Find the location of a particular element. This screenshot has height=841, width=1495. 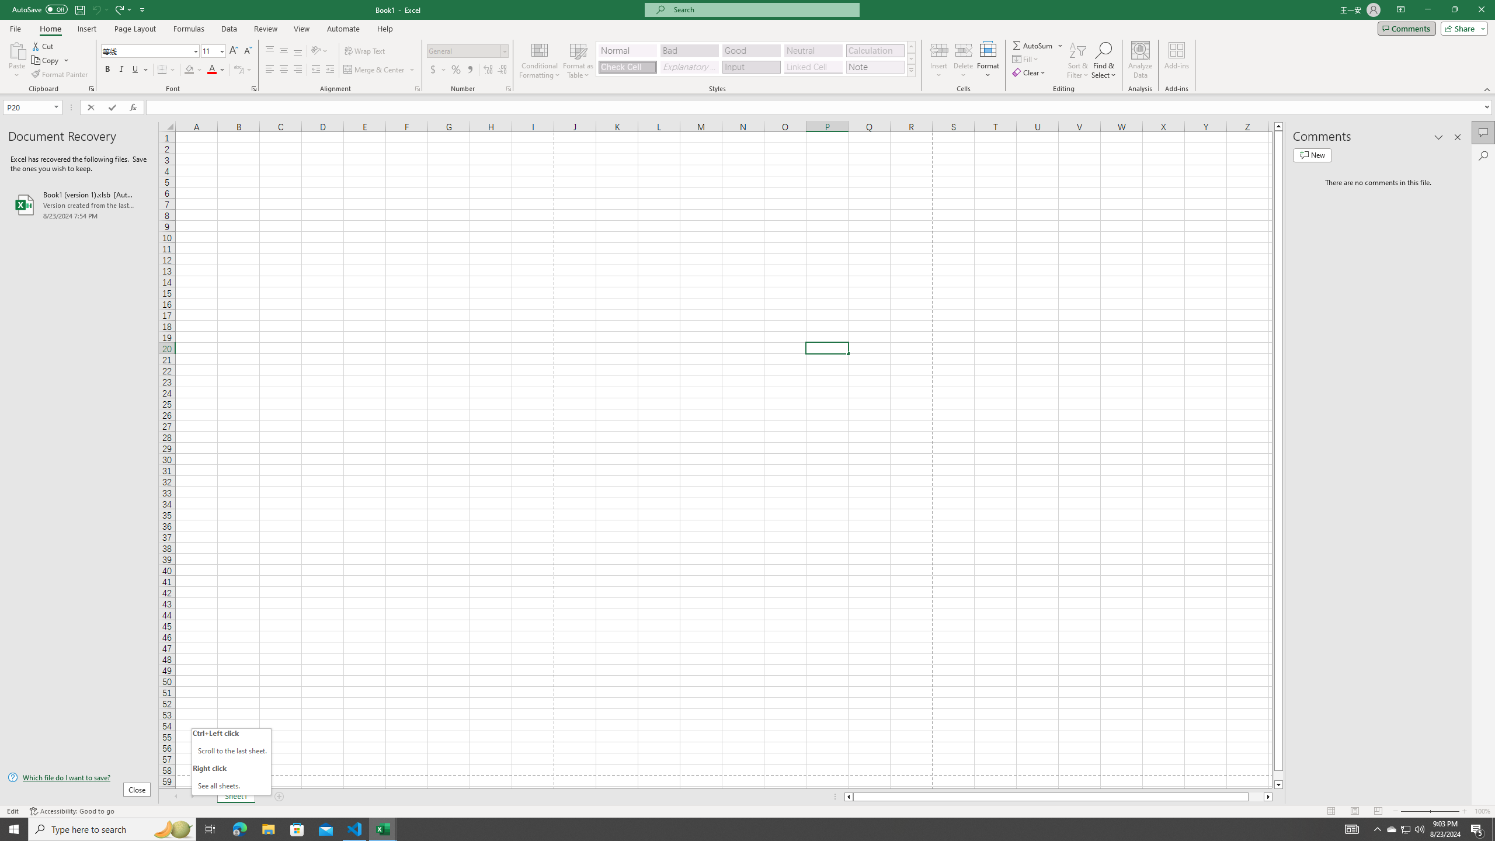

'Font Color RGB(255, 0, 0)' is located at coordinates (211, 69).